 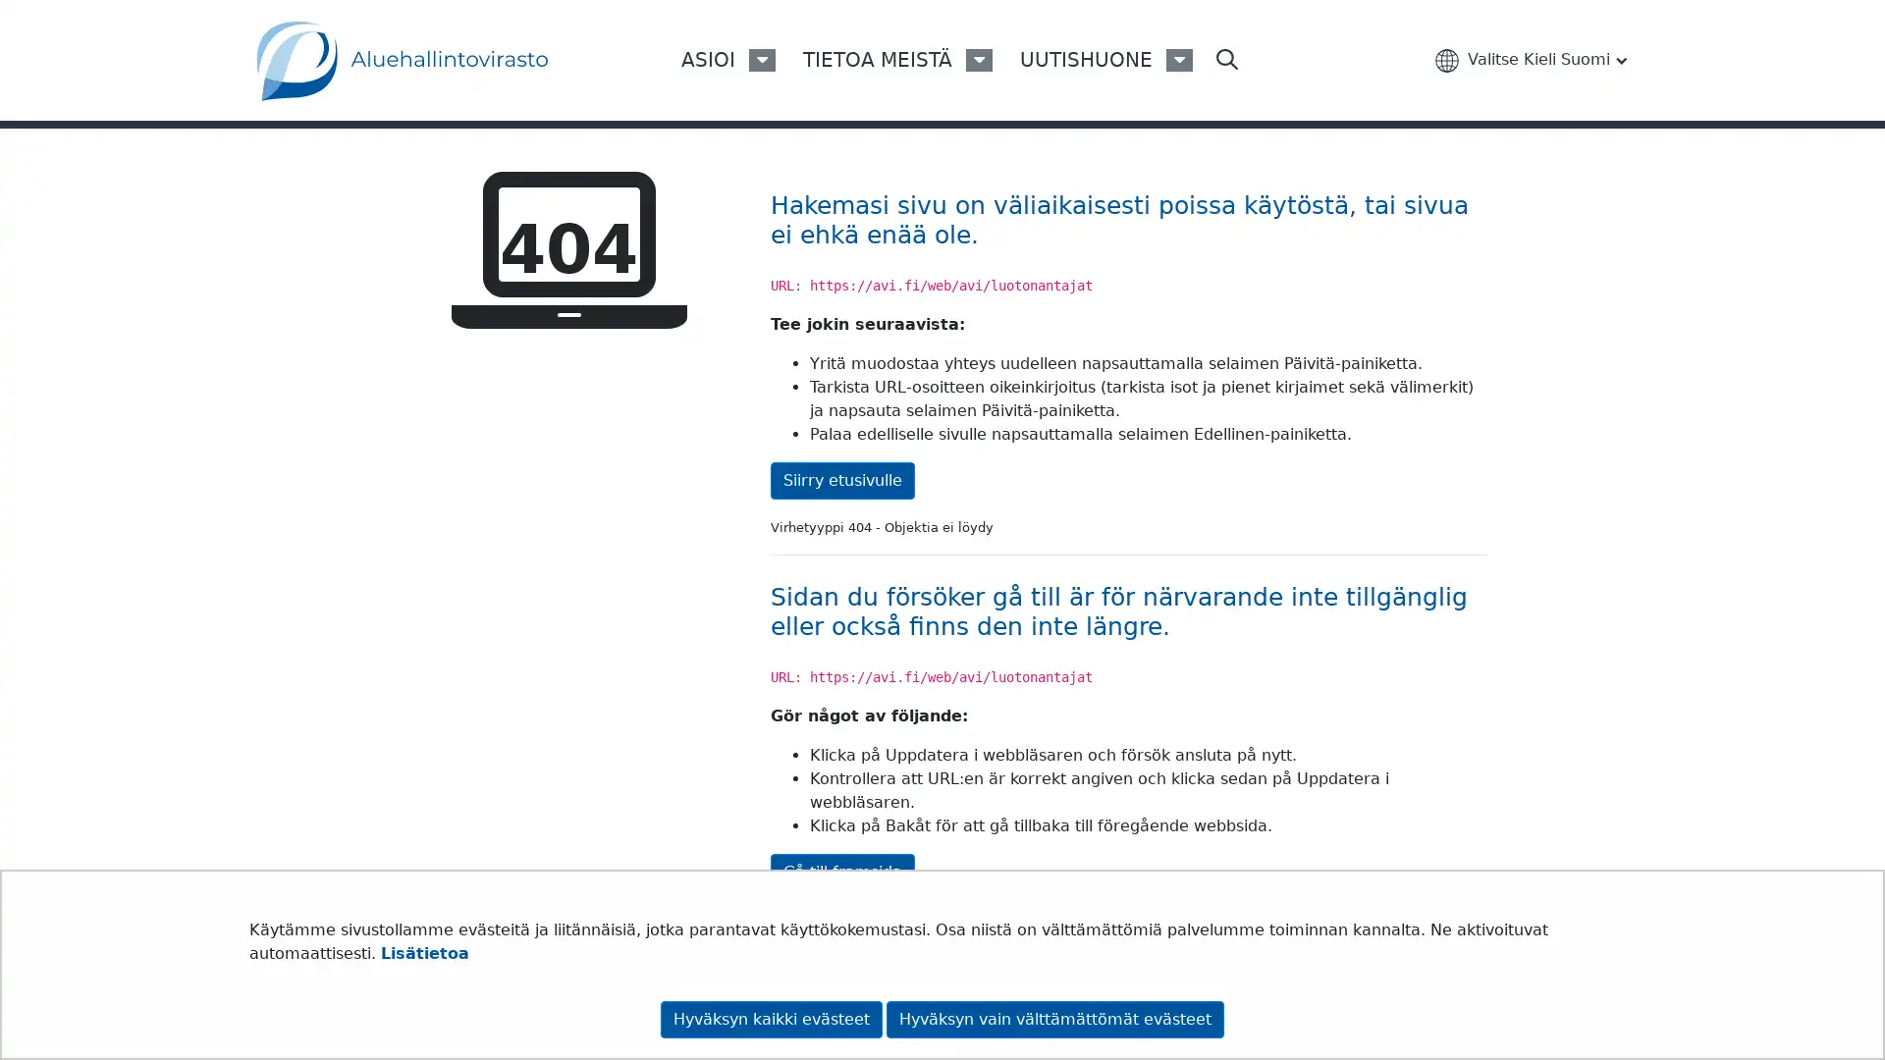 I want to click on Hyvaksyn kaikki evasteet, so click(x=771, y=1018).